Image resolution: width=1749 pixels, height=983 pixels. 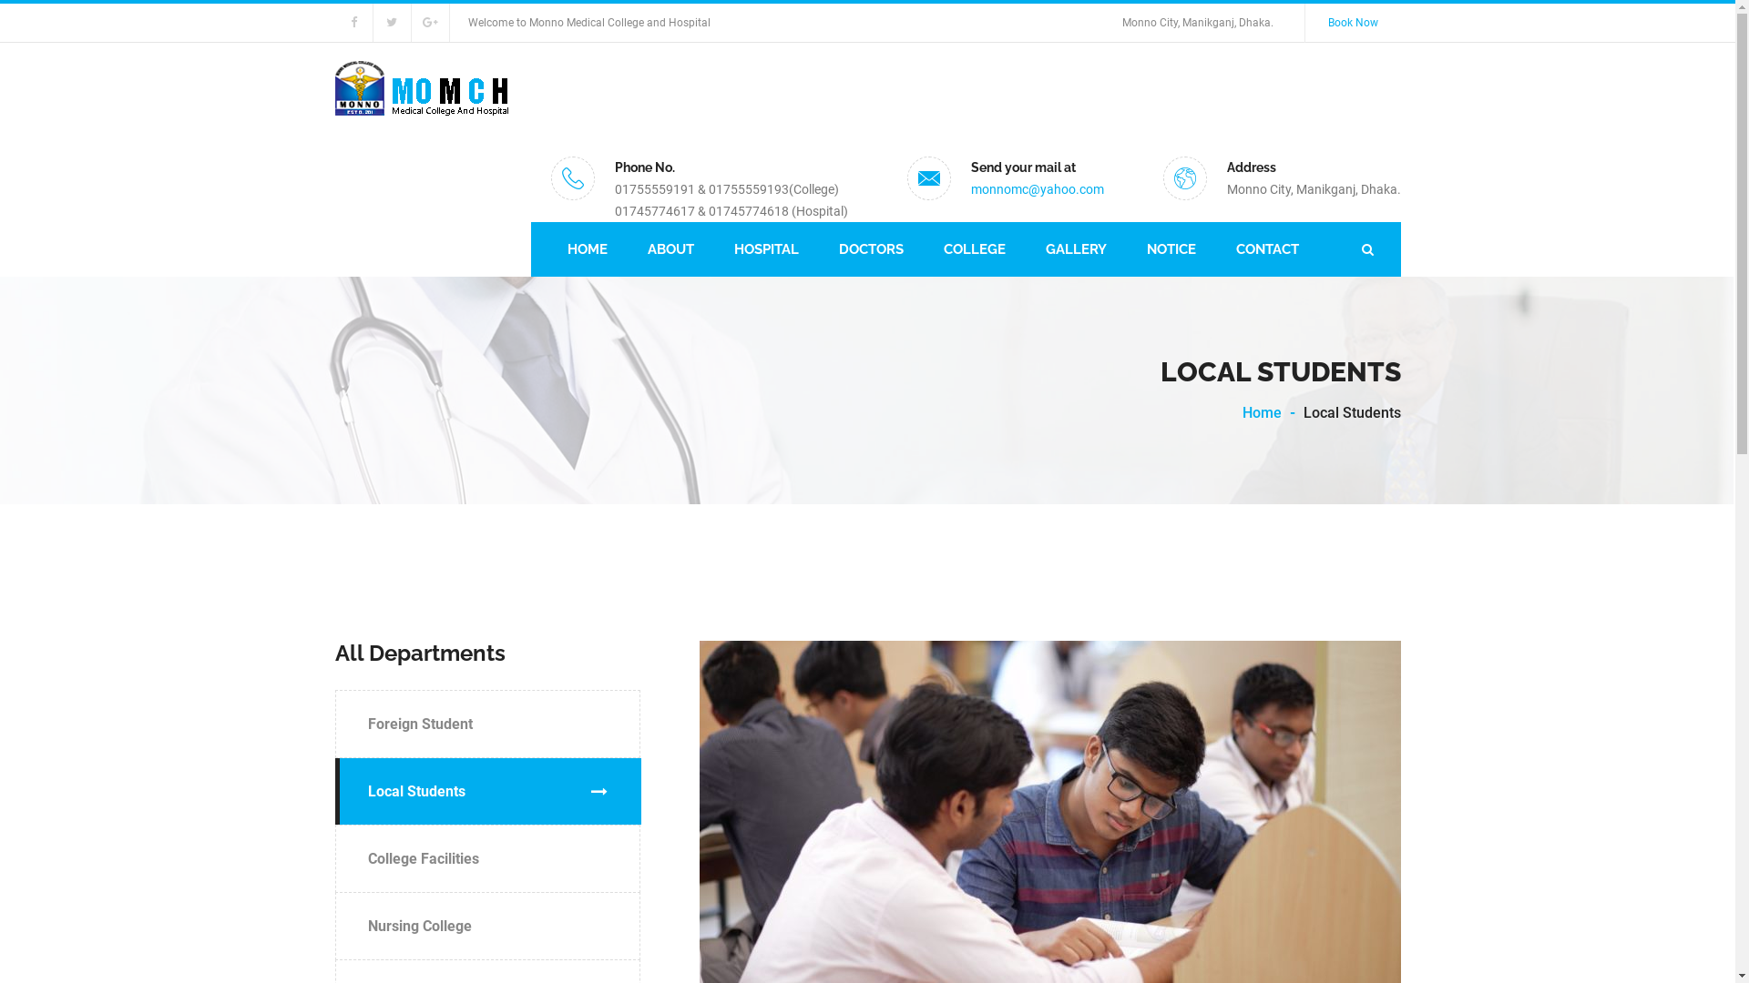 I want to click on 'COLLEGE', so click(x=944, y=248).